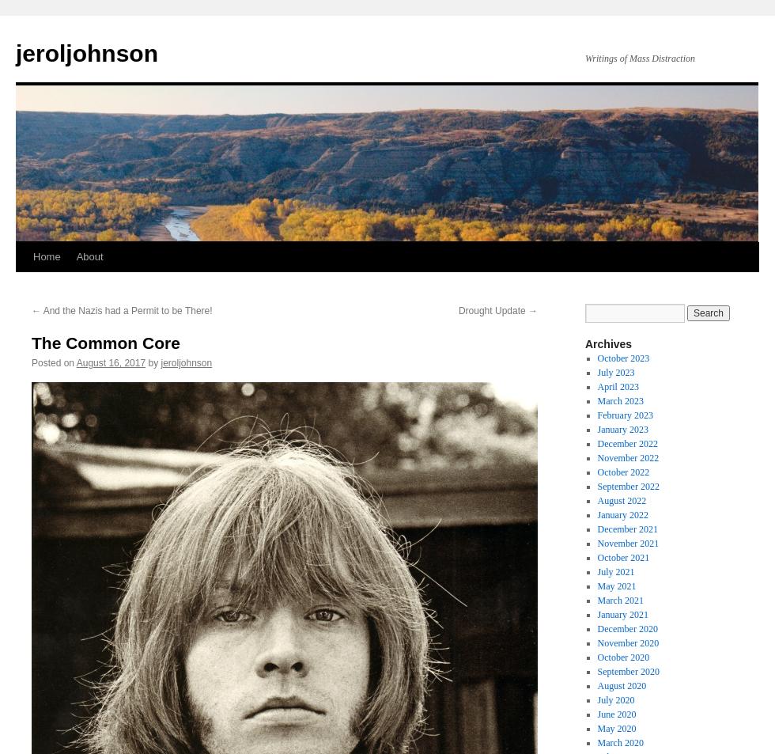 The height and width of the screenshot is (754, 775). What do you see at coordinates (616, 585) in the screenshot?
I see `'May 2021'` at bounding box center [616, 585].